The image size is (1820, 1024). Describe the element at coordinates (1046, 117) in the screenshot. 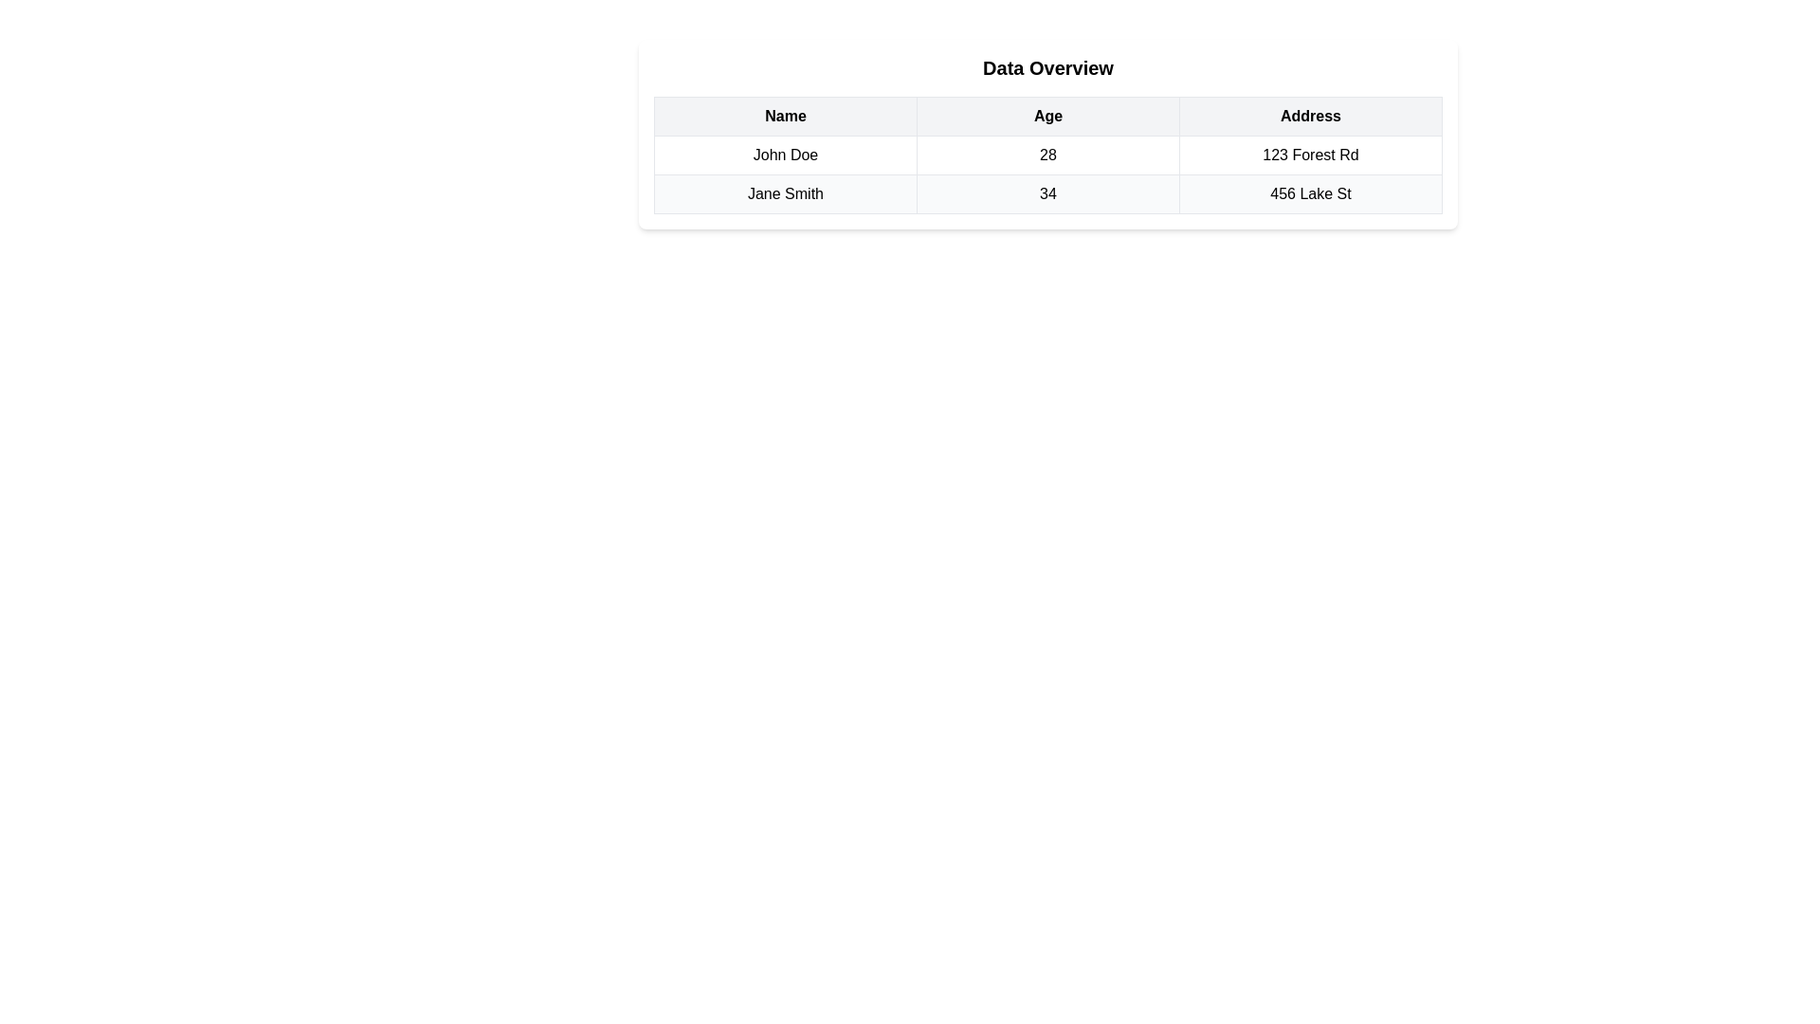

I see `text 'Age' from the Table Header Row, which is the first row in a table structure providing column labels` at that location.